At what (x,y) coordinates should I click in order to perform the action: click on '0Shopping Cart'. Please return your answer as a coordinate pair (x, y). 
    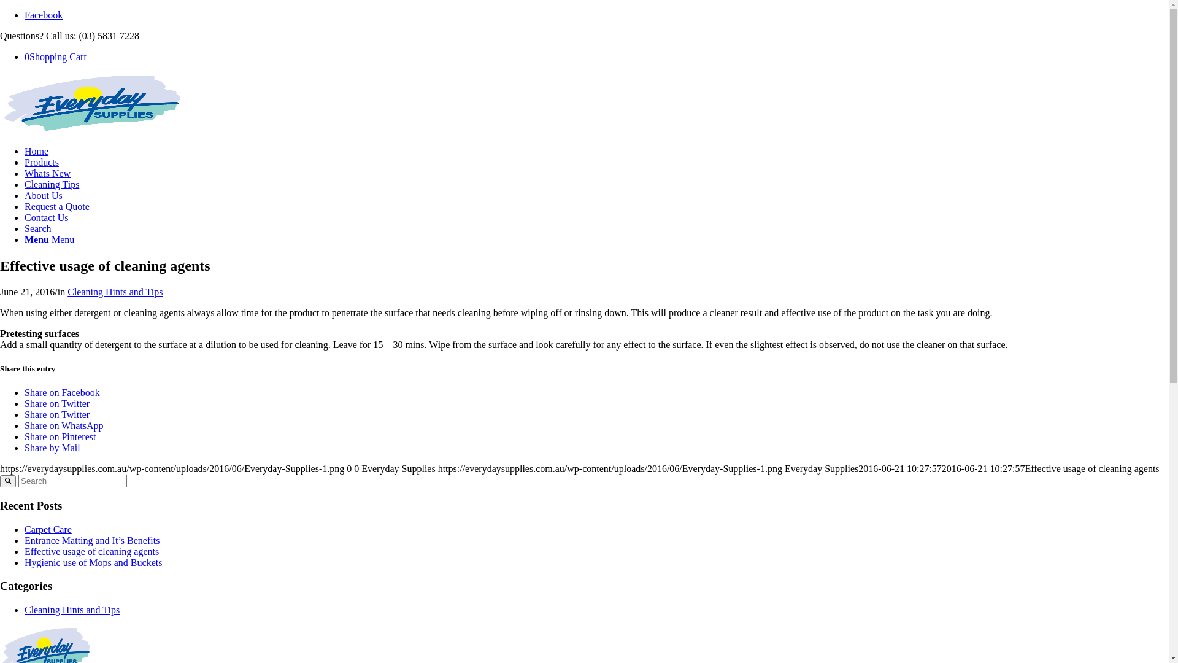
    Looking at the image, I should click on (55, 56).